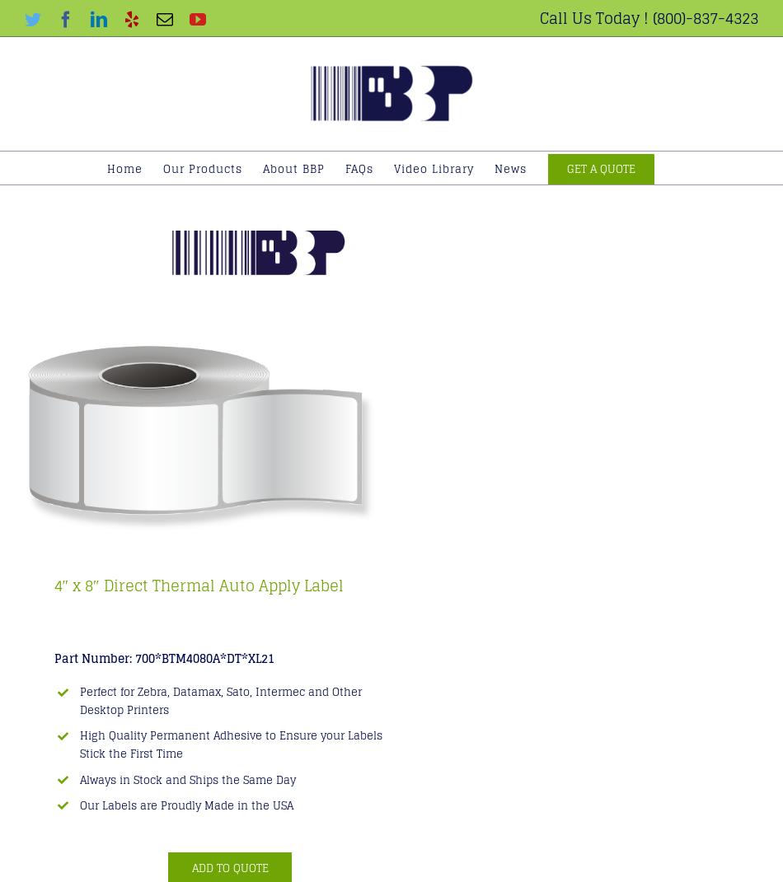  What do you see at coordinates (600, 167) in the screenshot?
I see `'Get a Quote'` at bounding box center [600, 167].